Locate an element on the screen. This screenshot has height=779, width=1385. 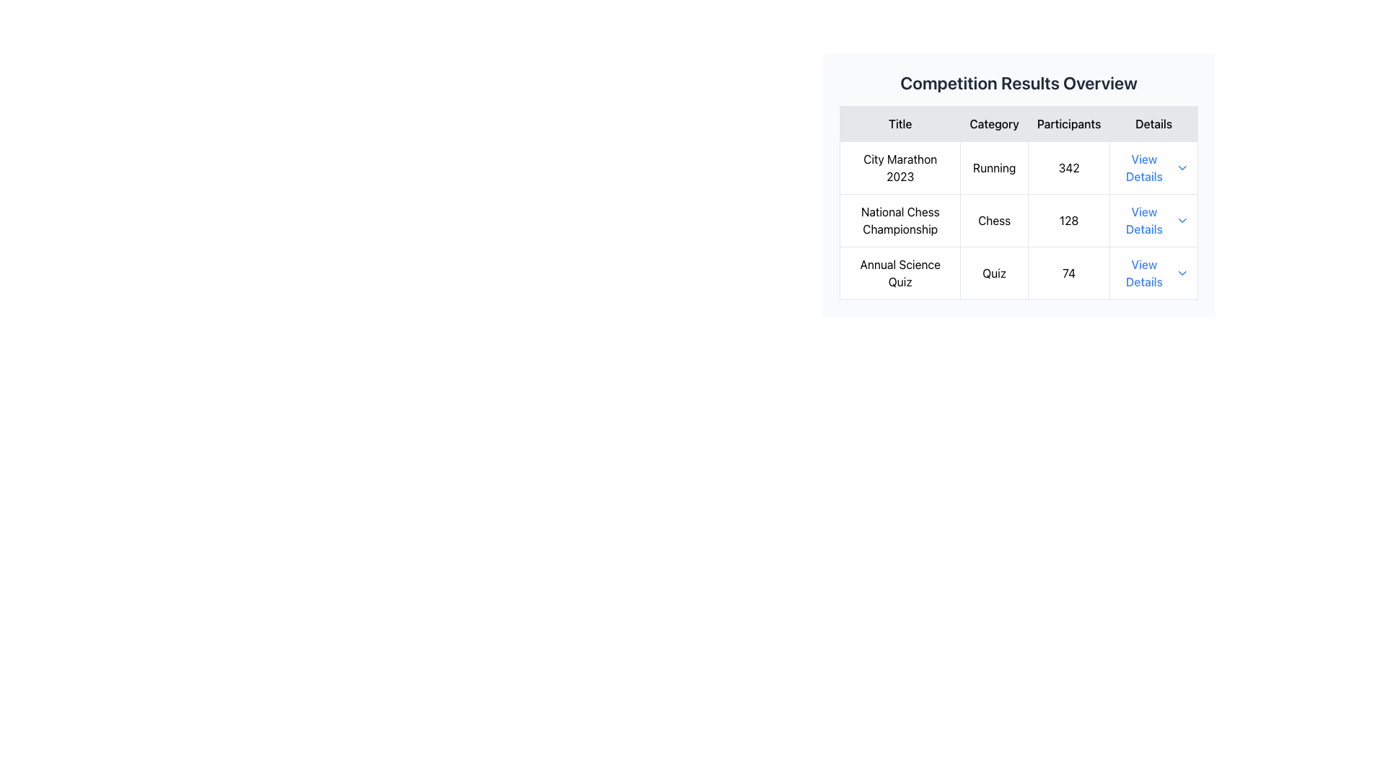
the text block representing the event name 'National Chess Championship' located in the second row of the 'Title' column in the table is located at coordinates (900, 220).